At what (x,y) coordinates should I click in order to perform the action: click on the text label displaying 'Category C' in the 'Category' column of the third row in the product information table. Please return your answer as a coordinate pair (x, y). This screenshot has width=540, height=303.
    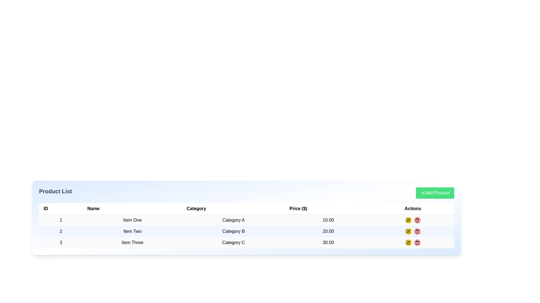
    Looking at the image, I should click on (233, 242).